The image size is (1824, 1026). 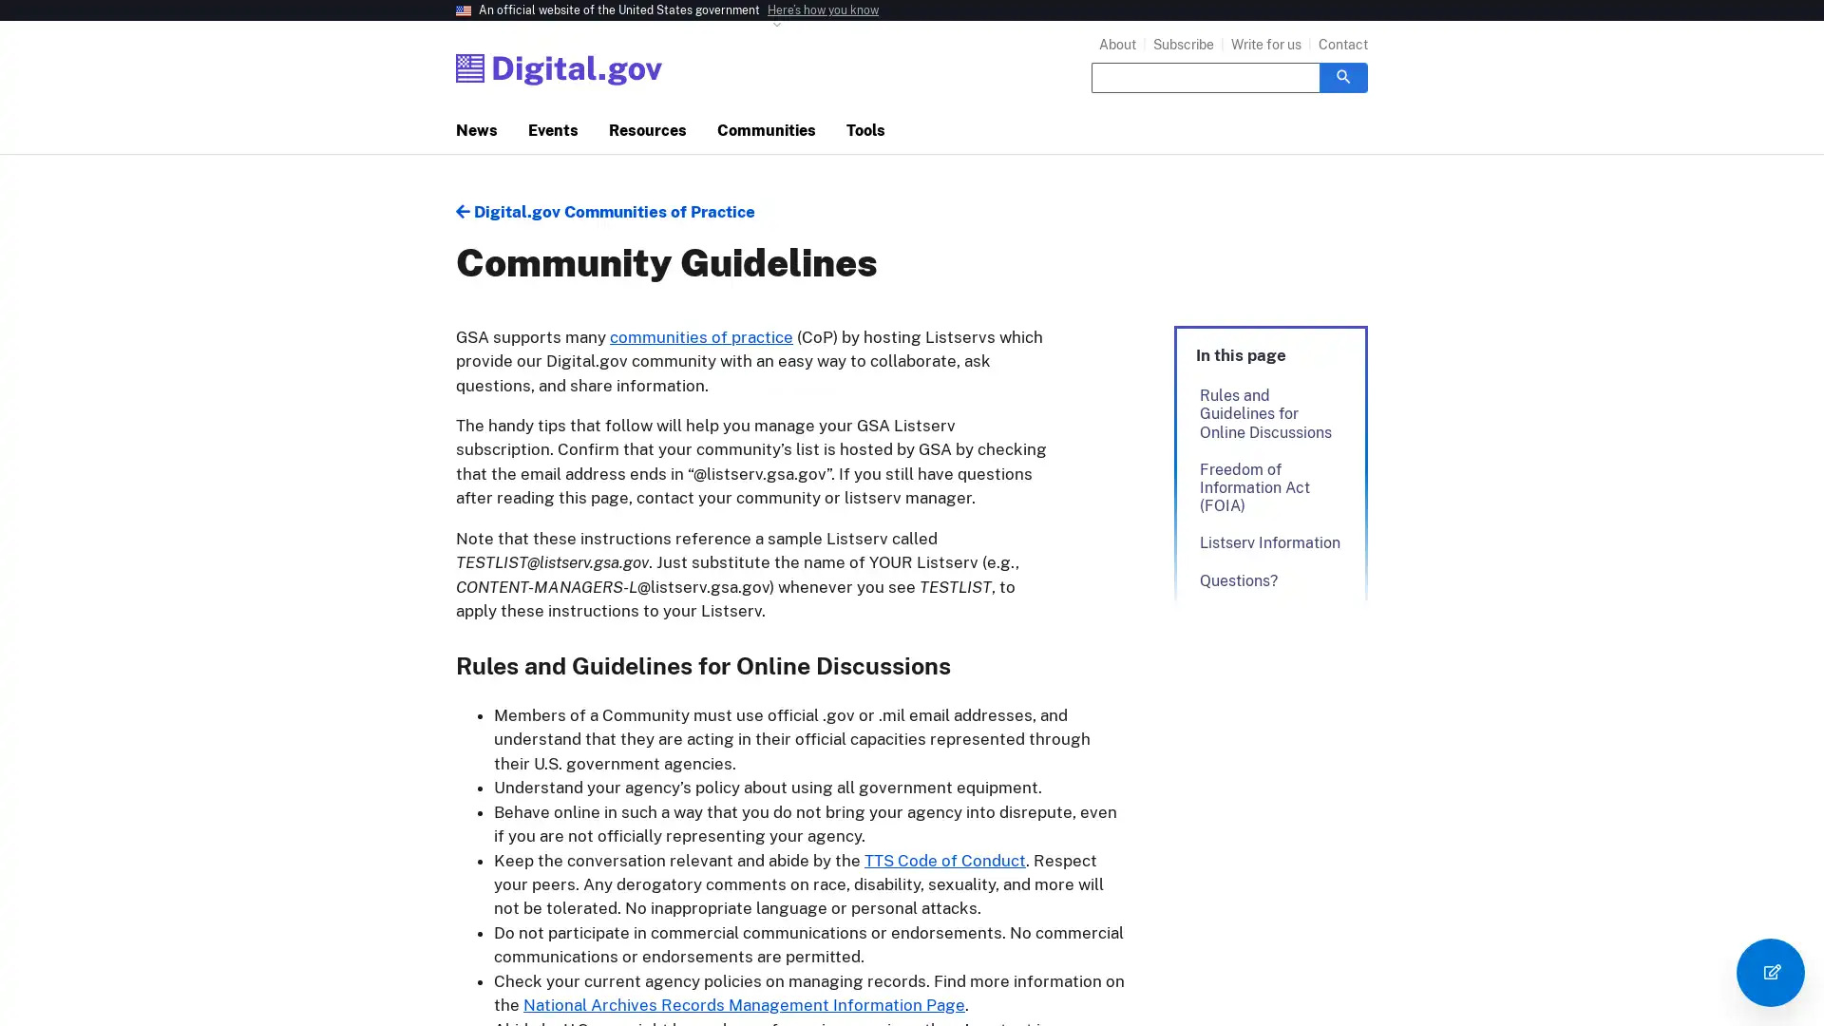 I want to click on edit, so click(x=1769, y=972).